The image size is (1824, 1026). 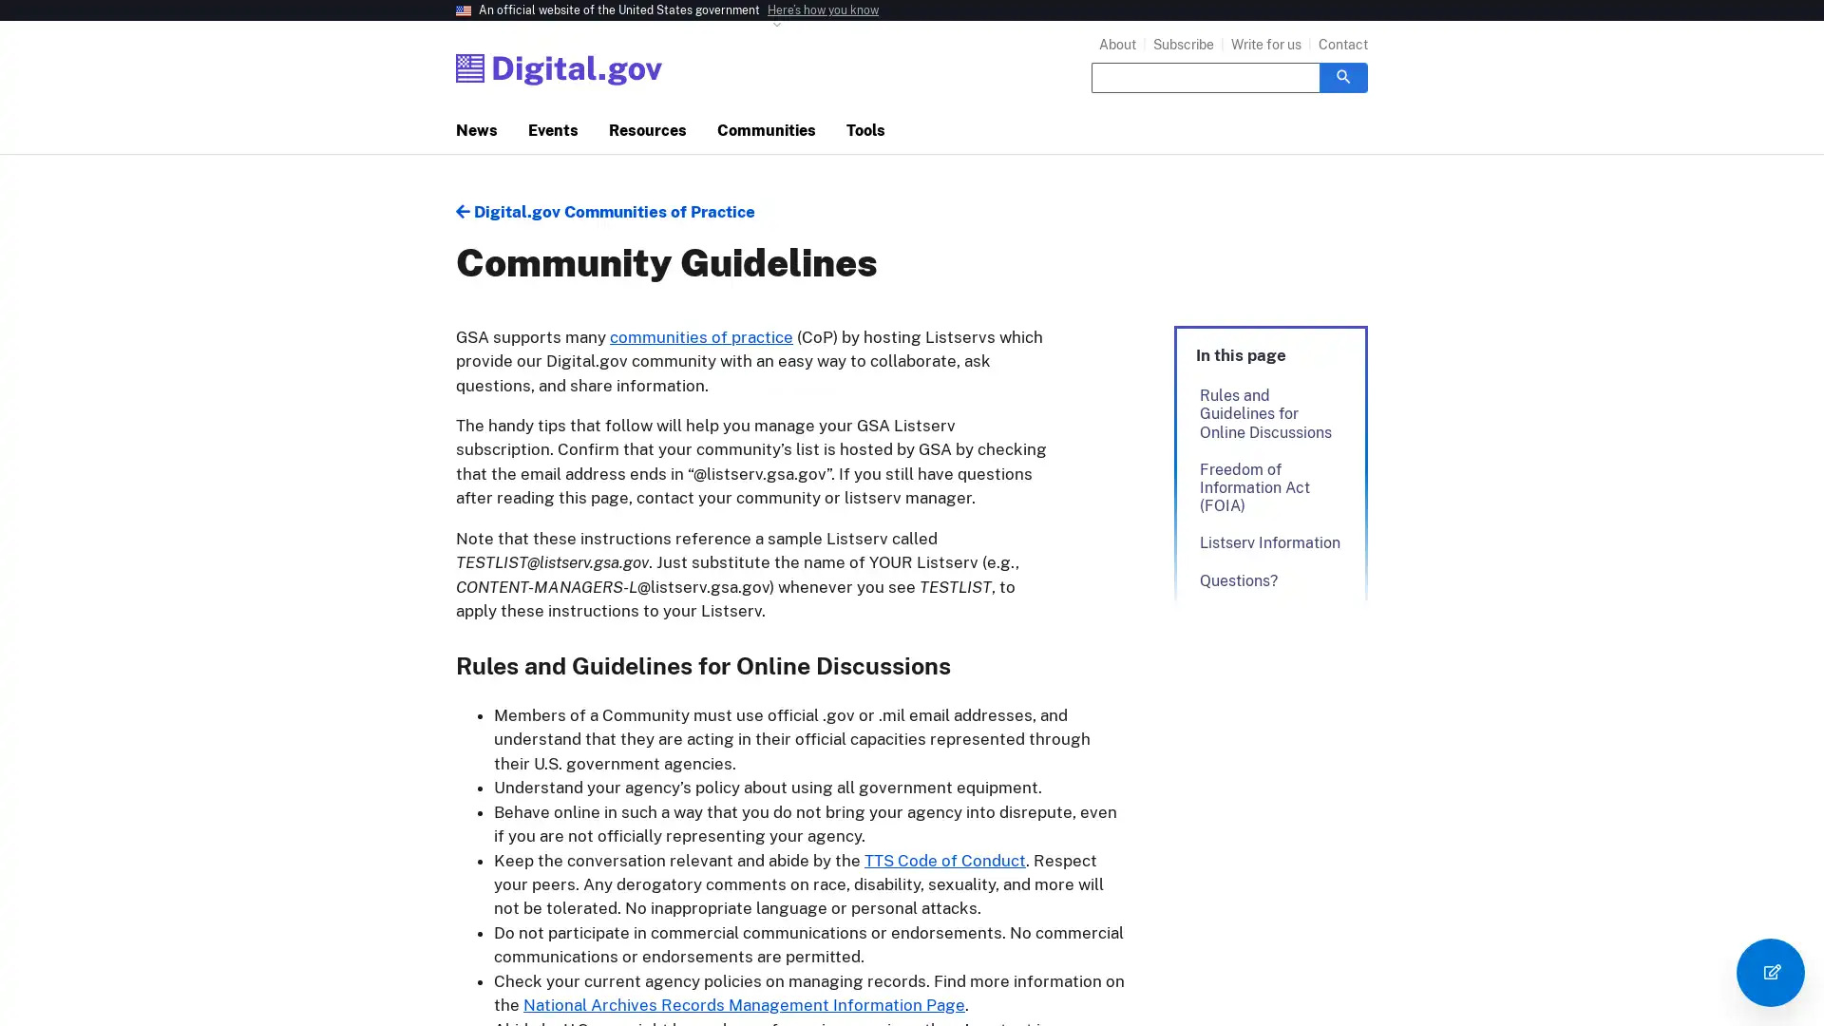 I want to click on edit, so click(x=1769, y=972).